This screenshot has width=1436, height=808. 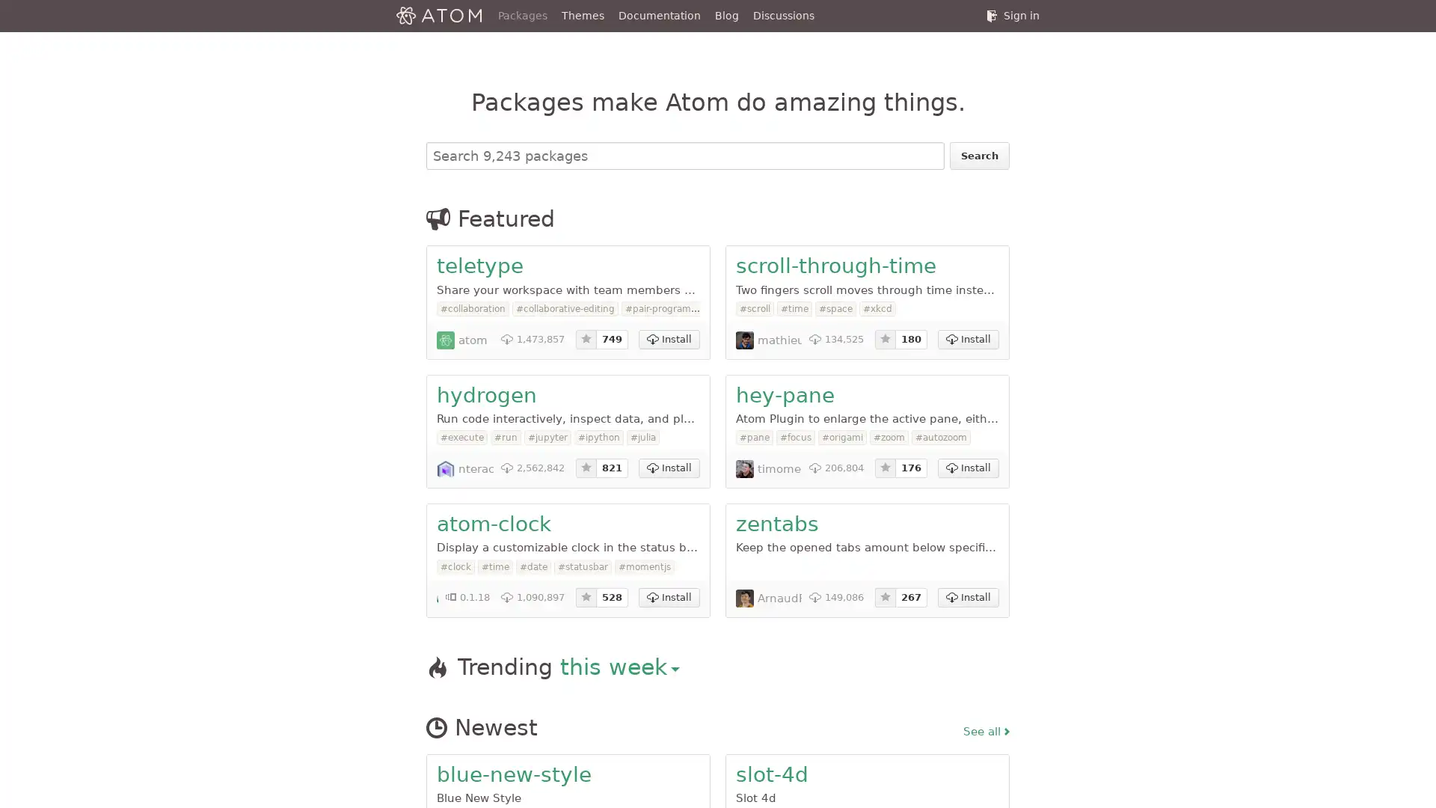 I want to click on Search, so click(x=980, y=156).